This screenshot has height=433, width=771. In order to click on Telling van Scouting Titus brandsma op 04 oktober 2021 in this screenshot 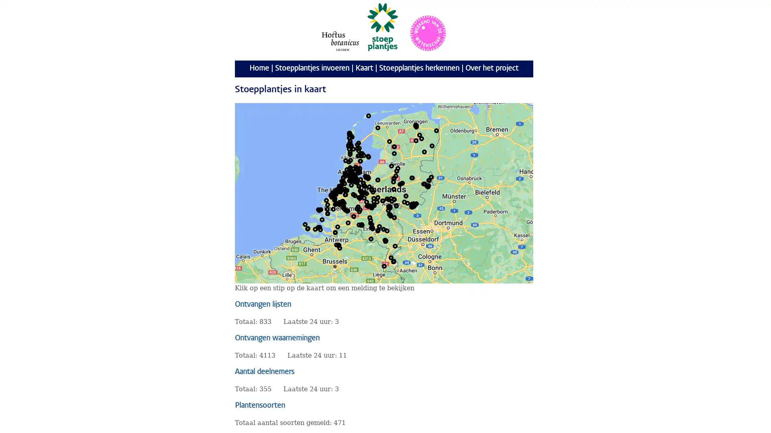, I will do `click(429, 179)`.